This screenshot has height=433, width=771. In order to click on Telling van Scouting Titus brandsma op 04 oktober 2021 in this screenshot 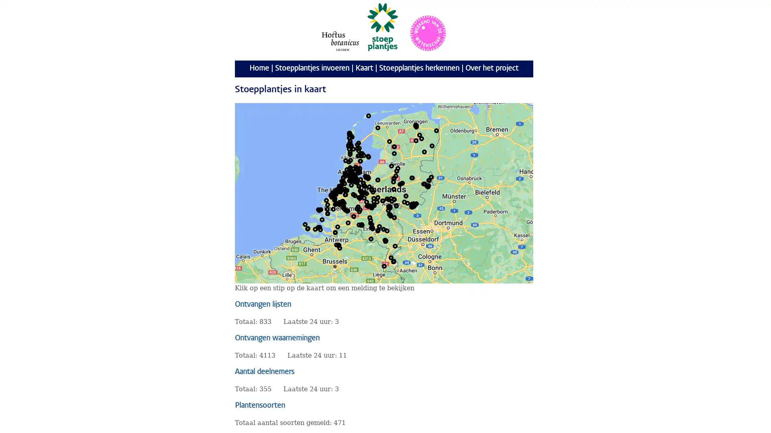, I will do `click(429, 179)`.